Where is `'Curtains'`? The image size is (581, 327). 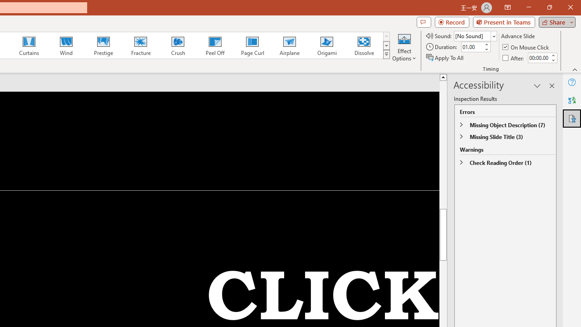 'Curtains' is located at coordinates (29, 45).